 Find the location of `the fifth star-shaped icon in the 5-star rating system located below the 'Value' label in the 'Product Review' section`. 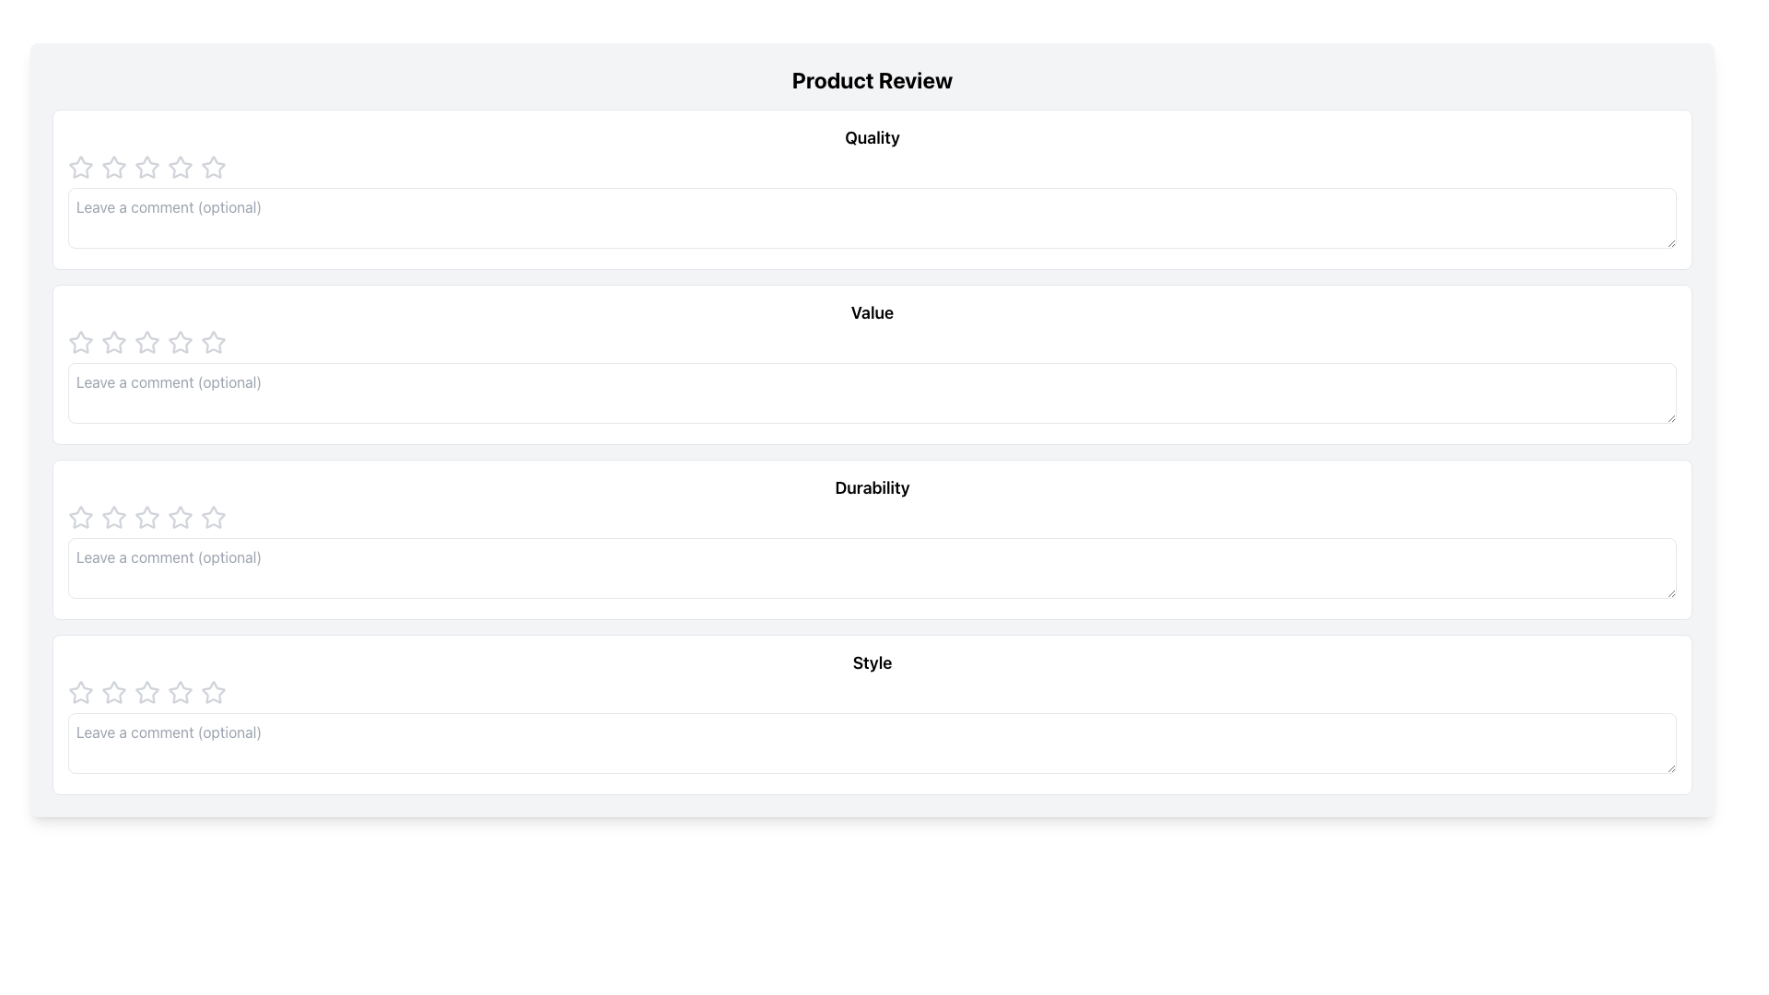

the fifth star-shaped icon in the 5-star rating system located below the 'Value' label in the 'Product Review' section is located at coordinates (181, 342).